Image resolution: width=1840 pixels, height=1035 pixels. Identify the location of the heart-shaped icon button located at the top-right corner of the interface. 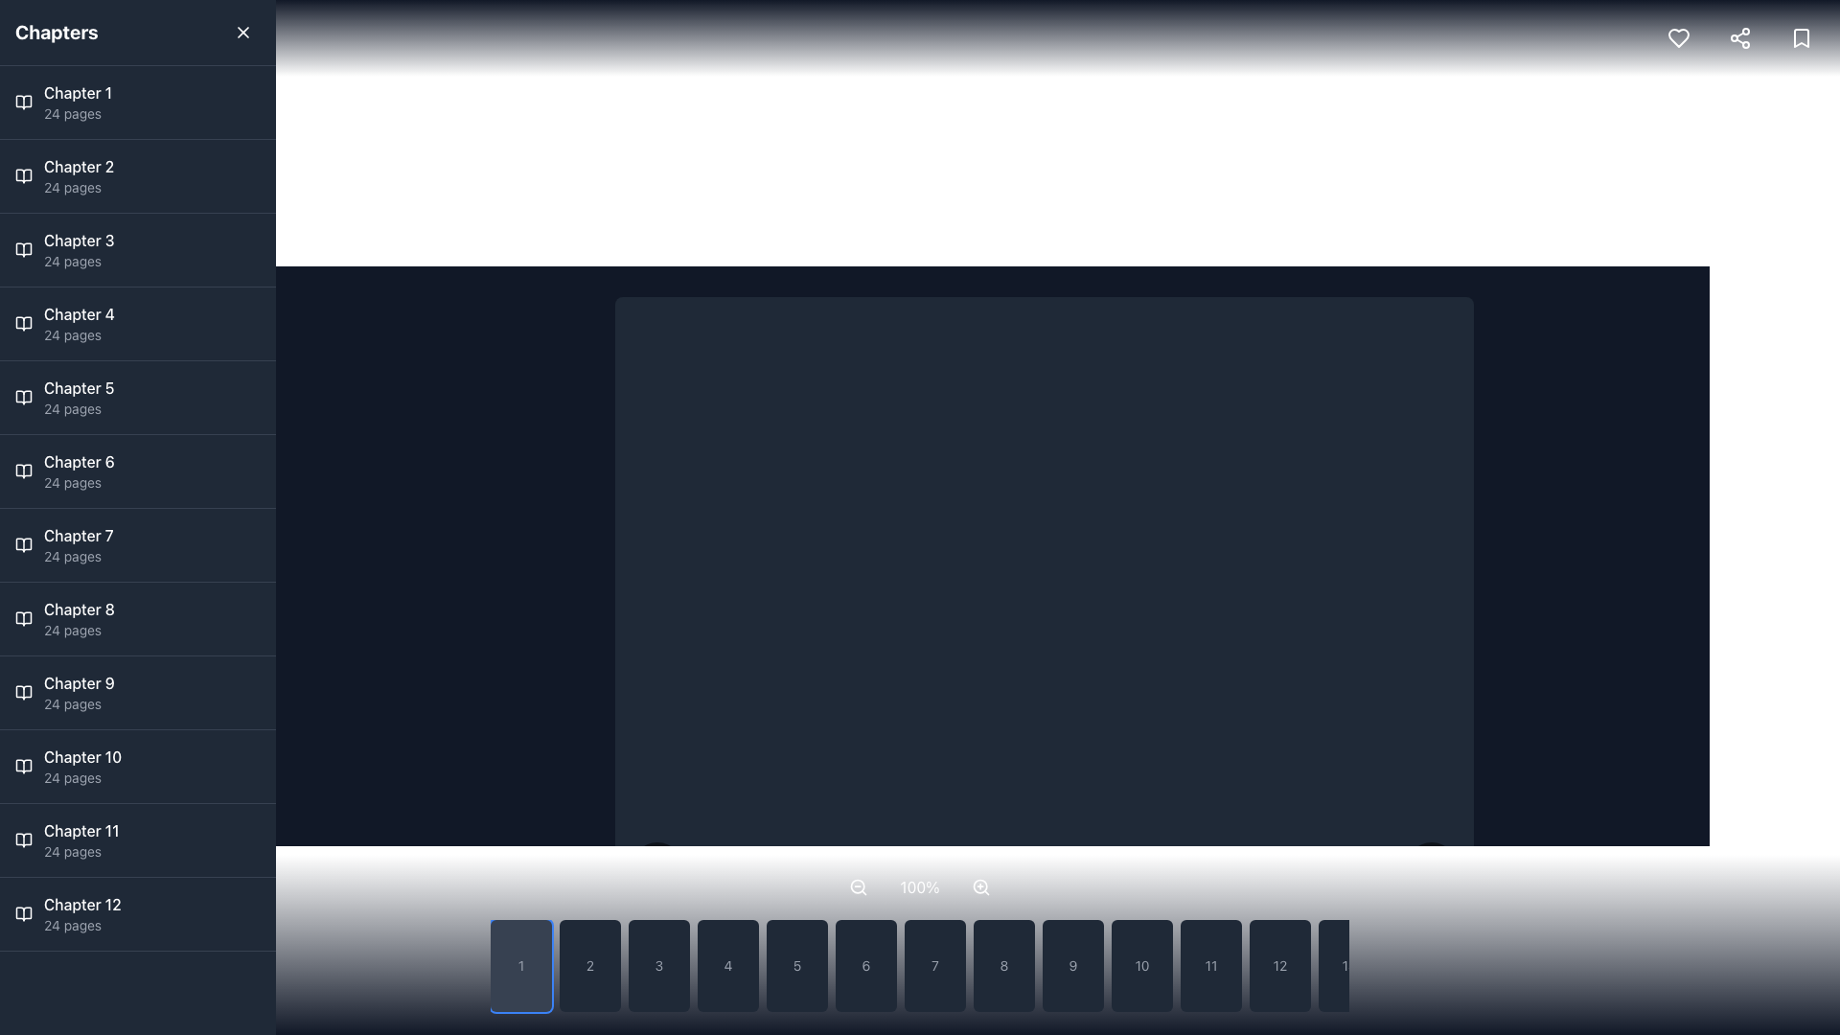
(1678, 37).